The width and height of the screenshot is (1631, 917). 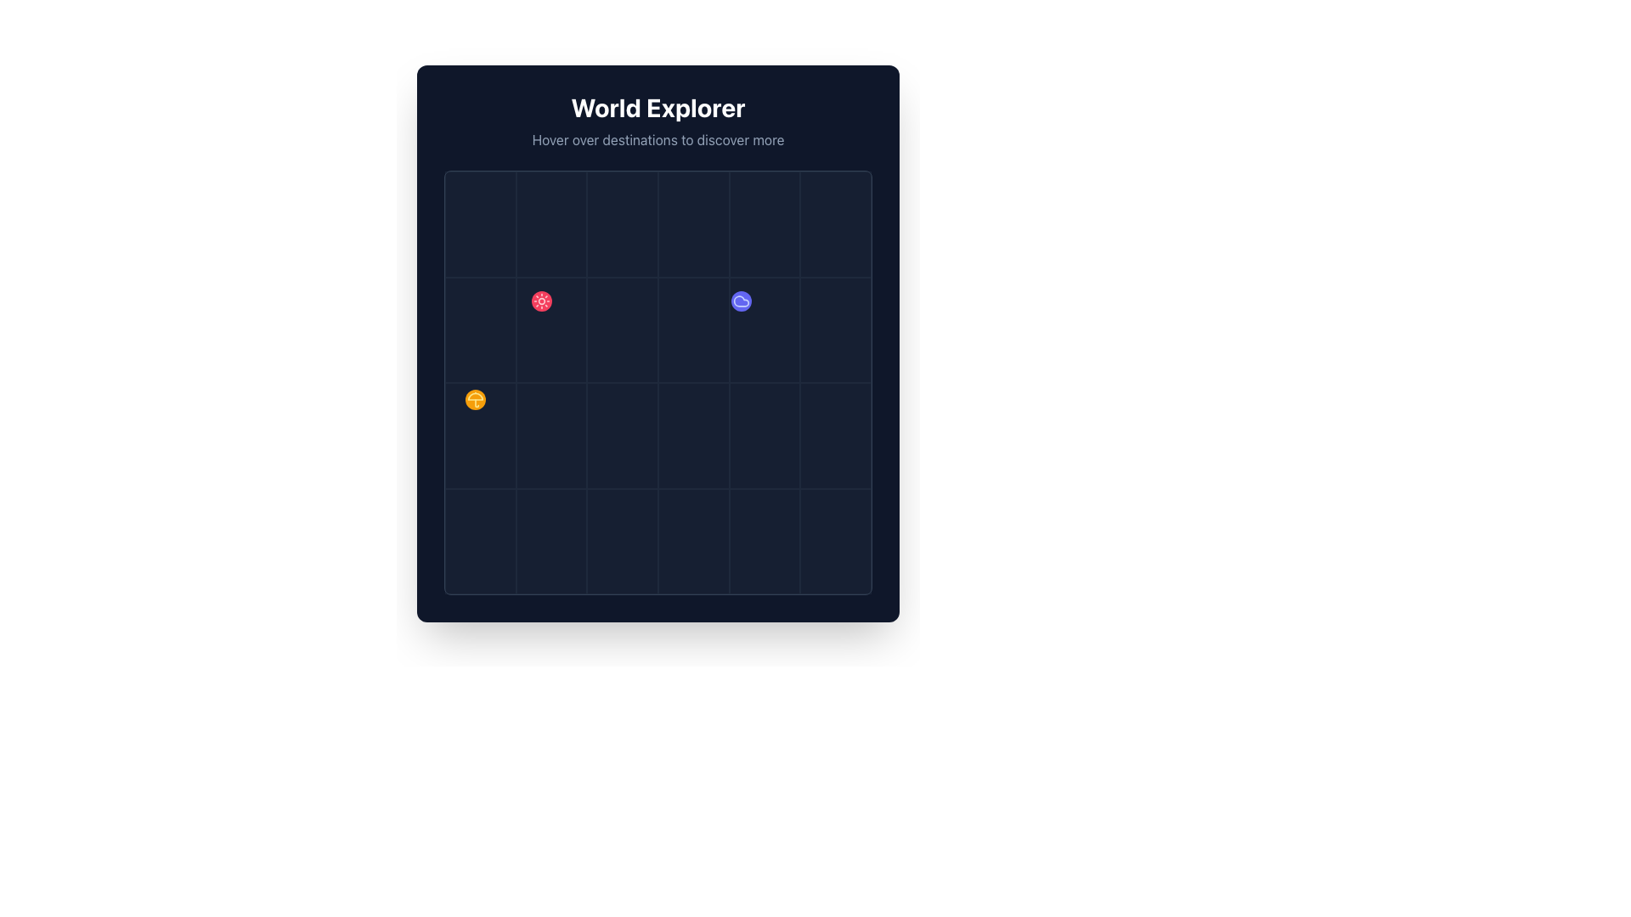 I want to click on the orange-colored umbrella icon located in the lower-left quadrant of the grid interface, so click(x=476, y=399).